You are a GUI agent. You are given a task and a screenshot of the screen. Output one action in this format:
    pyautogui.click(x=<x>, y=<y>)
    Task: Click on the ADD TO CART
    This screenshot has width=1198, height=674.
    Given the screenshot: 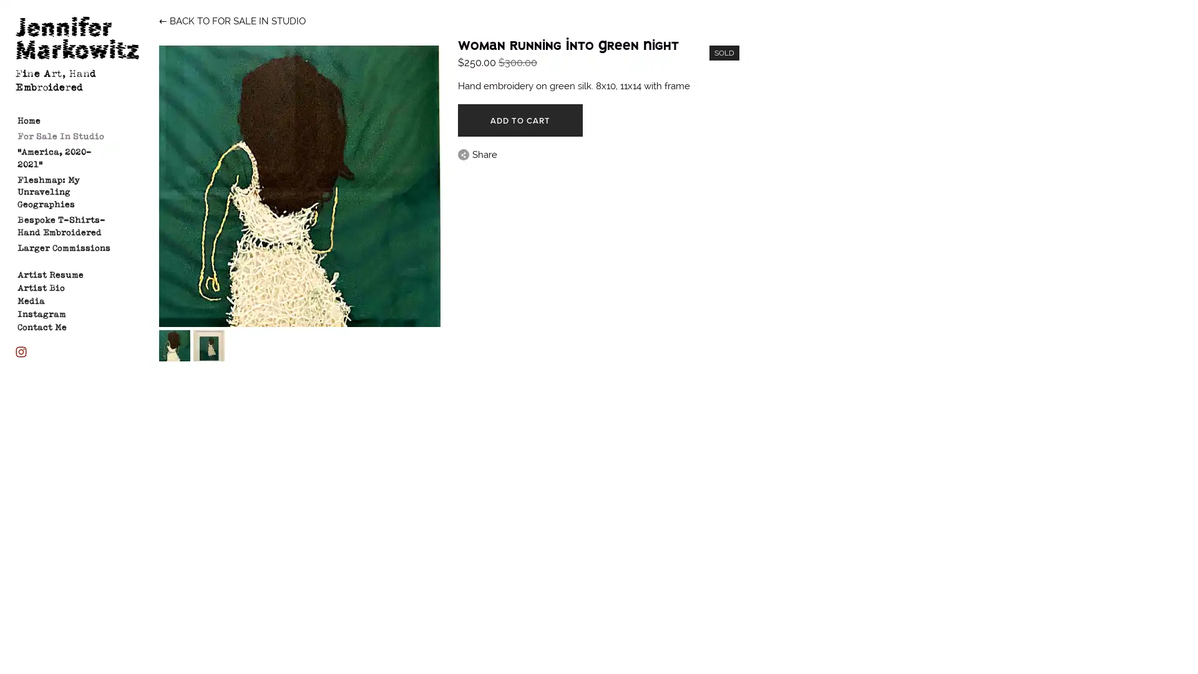 What is the action you would take?
    pyautogui.click(x=520, y=120)
    